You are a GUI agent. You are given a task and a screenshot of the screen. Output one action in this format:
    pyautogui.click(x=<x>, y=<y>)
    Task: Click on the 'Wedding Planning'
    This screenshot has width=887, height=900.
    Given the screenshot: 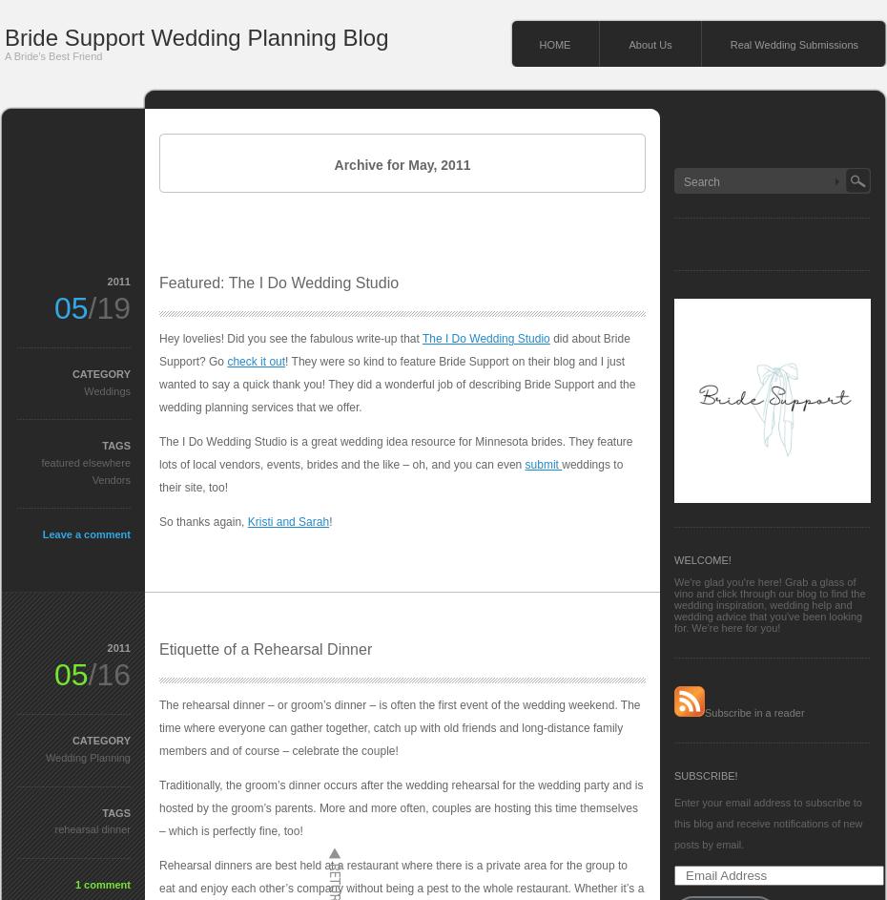 What is the action you would take?
    pyautogui.click(x=87, y=755)
    